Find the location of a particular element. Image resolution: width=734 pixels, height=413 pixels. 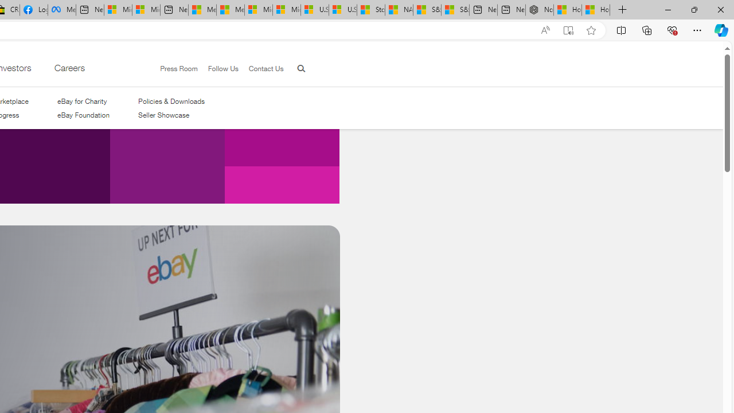

'eBay Foundation' is located at coordinates (83, 115).